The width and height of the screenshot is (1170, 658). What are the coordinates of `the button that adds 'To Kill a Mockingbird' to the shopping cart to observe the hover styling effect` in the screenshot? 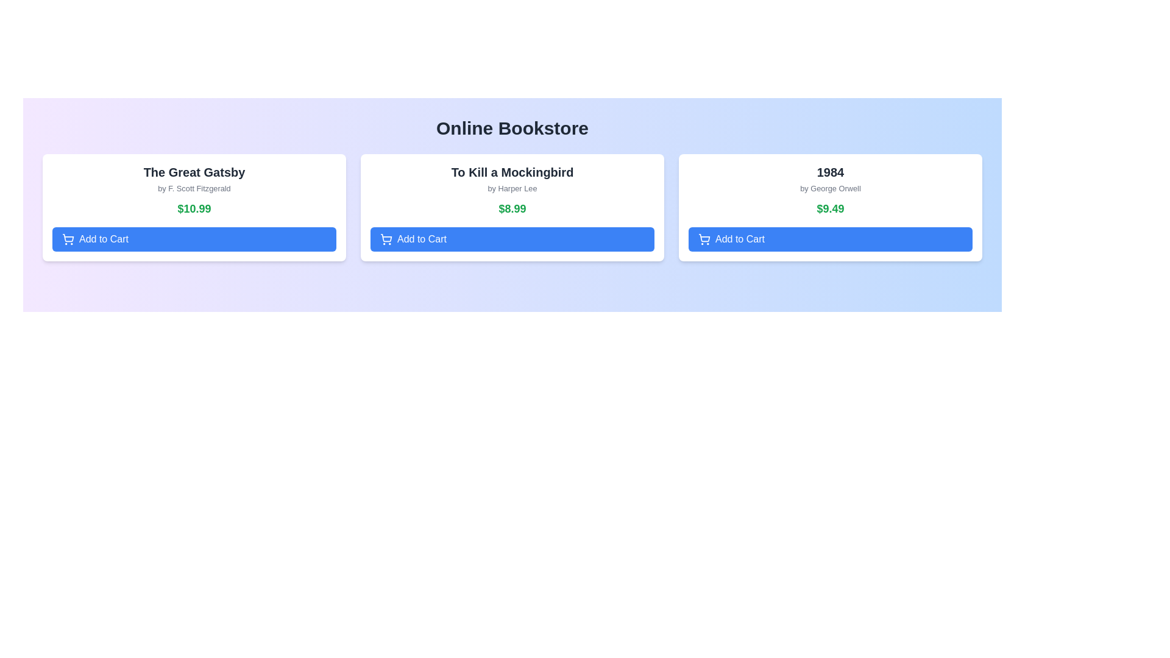 It's located at (512, 239).